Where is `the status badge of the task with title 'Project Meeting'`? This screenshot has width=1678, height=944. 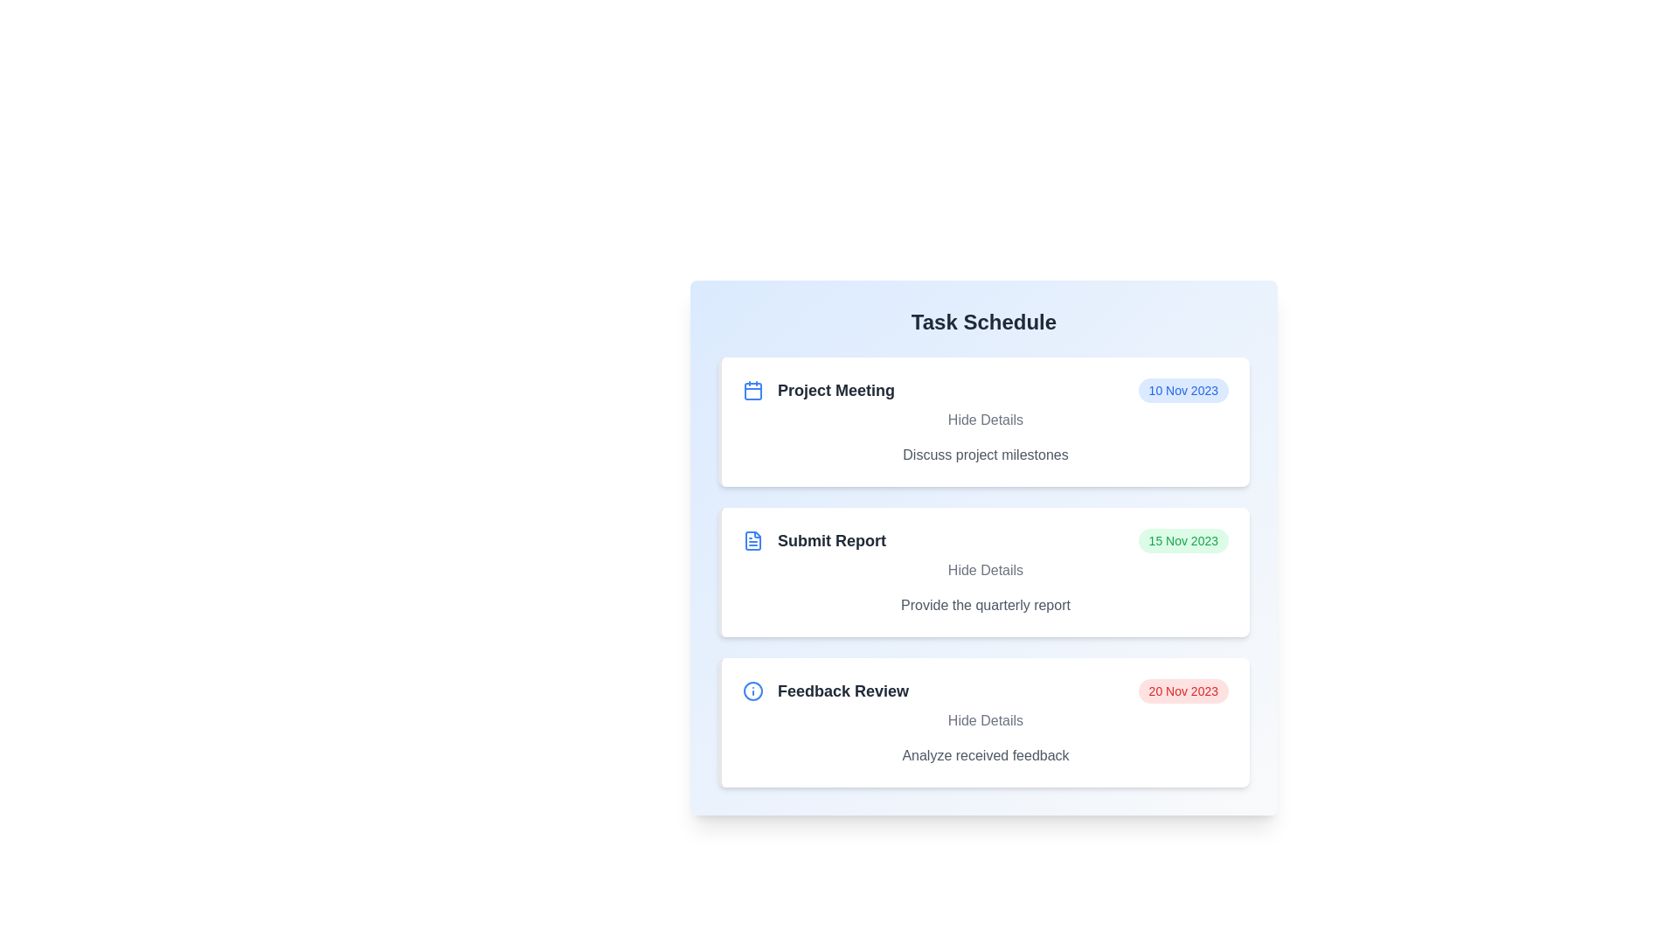
the status badge of the task with title 'Project Meeting' is located at coordinates (1183, 390).